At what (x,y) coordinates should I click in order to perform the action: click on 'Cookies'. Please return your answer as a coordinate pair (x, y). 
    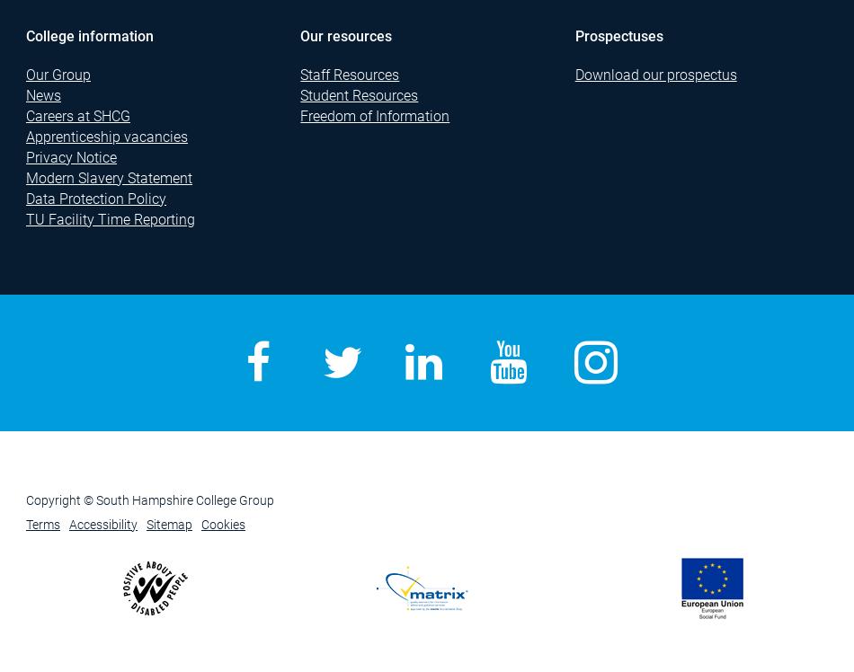
    Looking at the image, I should click on (222, 525).